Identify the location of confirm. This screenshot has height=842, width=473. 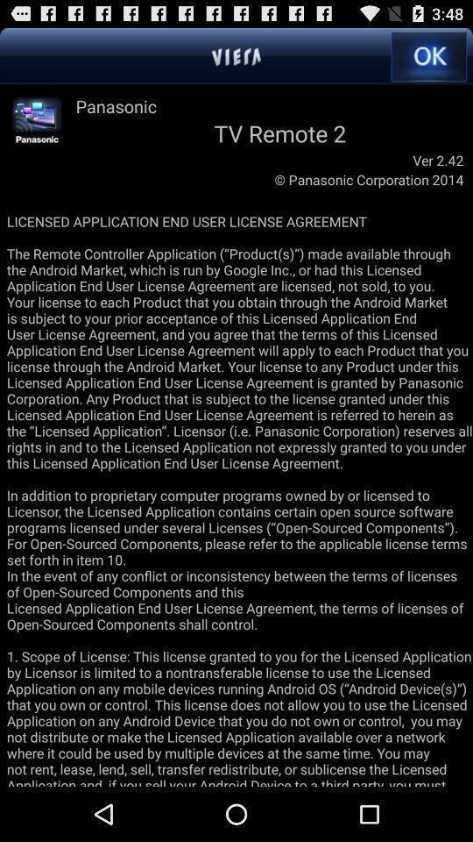
(427, 56).